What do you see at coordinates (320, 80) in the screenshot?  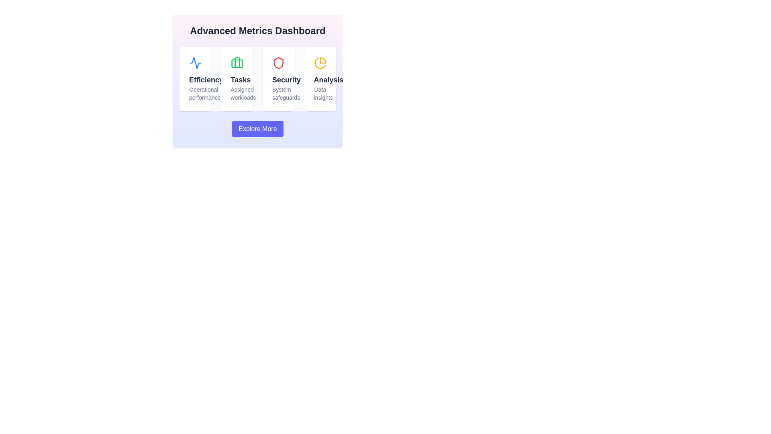 I see `the text label that serves as a title or label for analysis-related data within the dashboard, located centrally and directly above the 'Data insights' text` at bounding box center [320, 80].